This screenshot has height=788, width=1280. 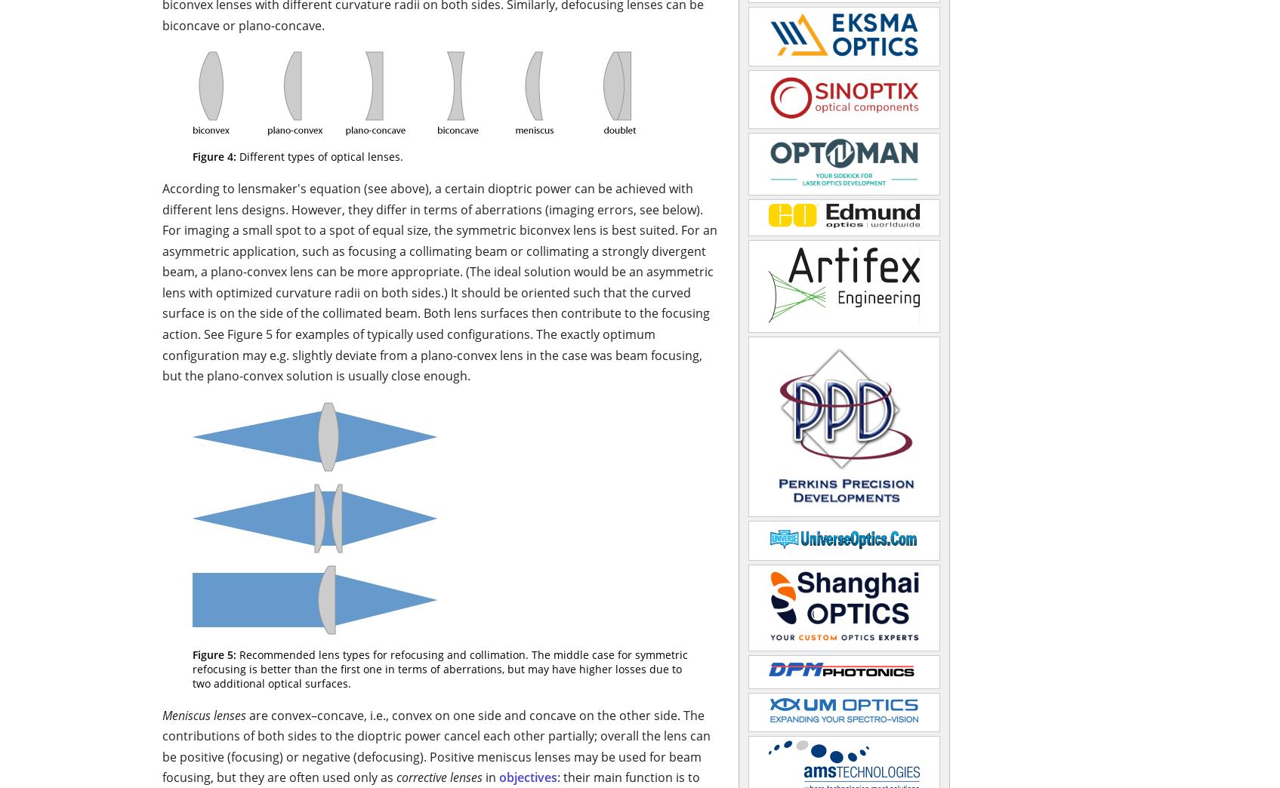 What do you see at coordinates (319, 156) in the screenshot?
I see `'Different types of optical lenses.'` at bounding box center [319, 156].